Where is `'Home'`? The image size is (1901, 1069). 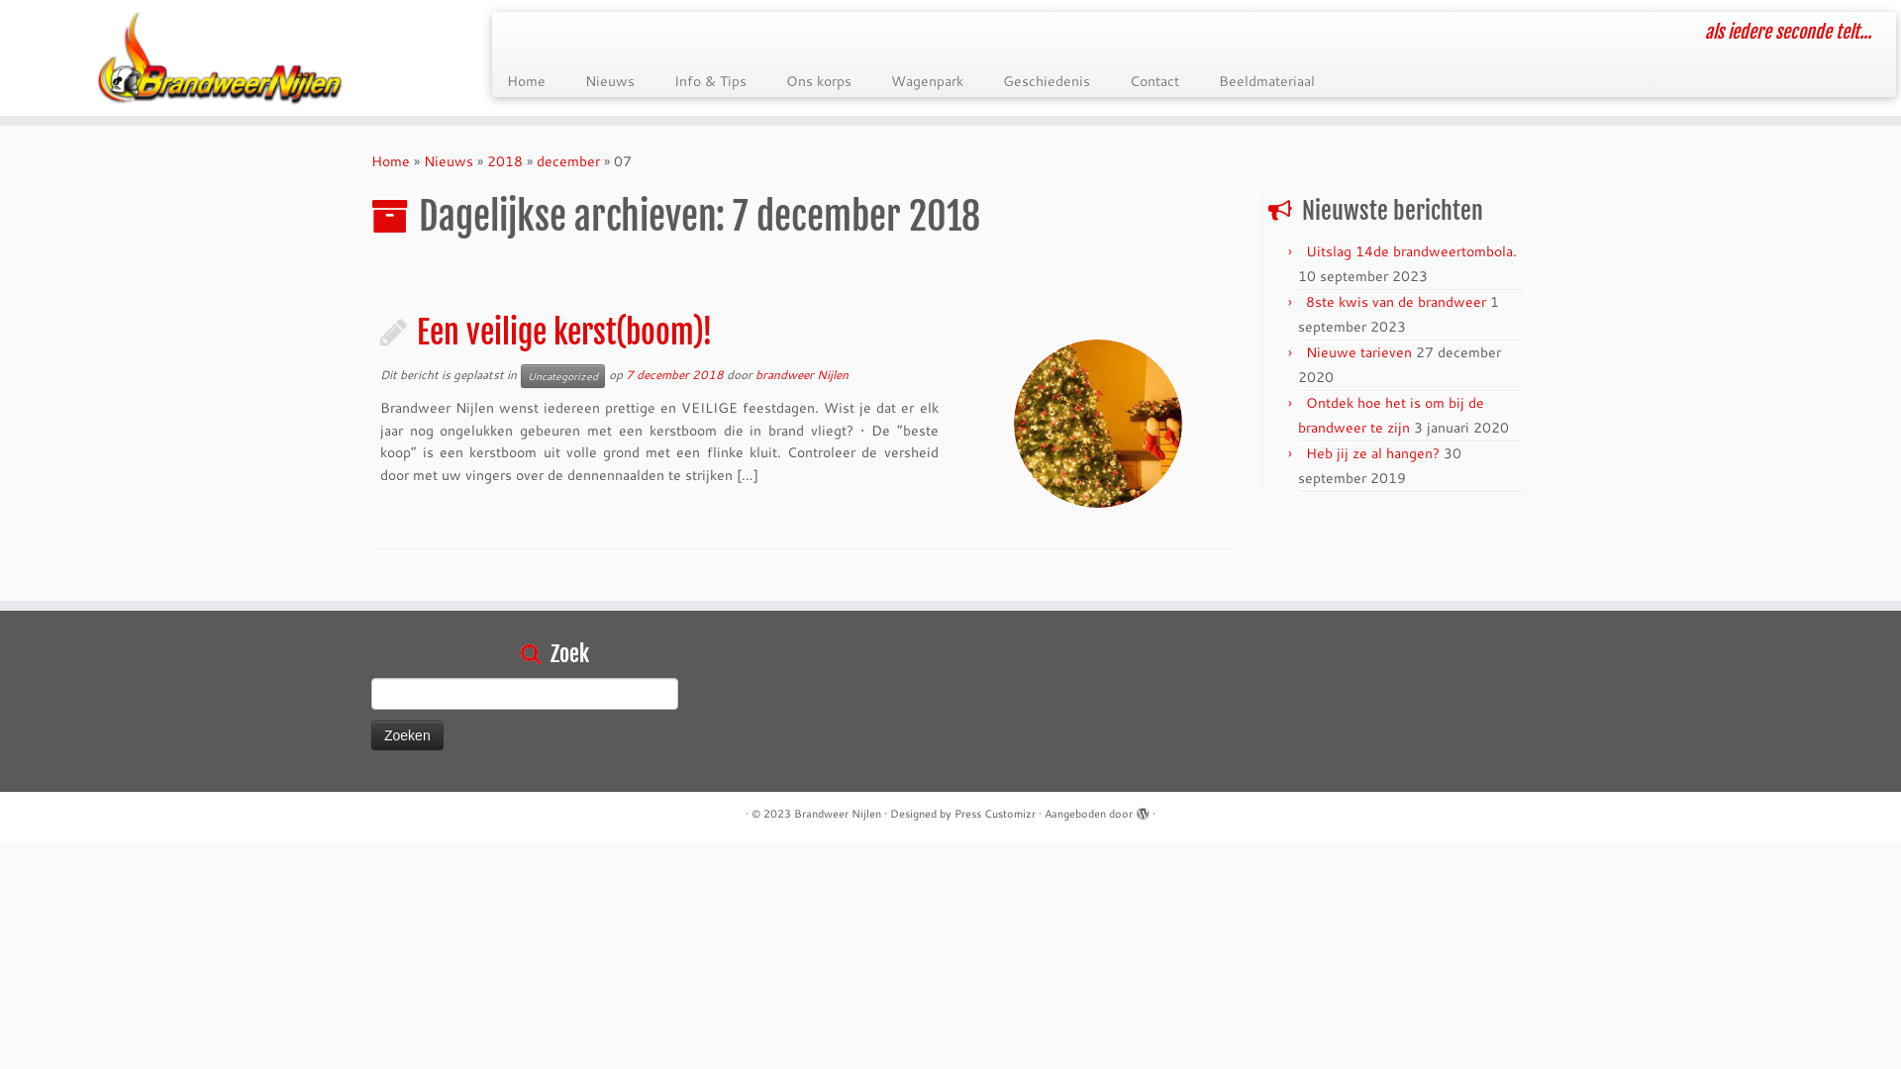 'Home' is located at coordinates (533, 79).